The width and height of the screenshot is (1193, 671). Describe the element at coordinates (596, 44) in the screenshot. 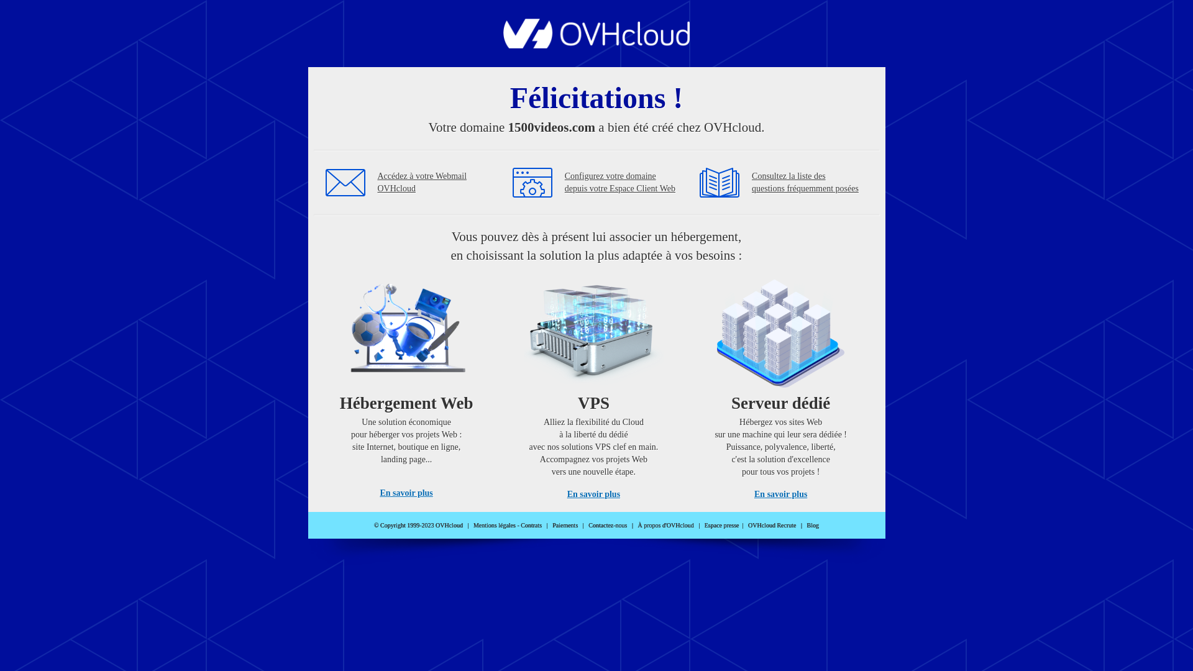

I see `'OVHcloud'` at that location.